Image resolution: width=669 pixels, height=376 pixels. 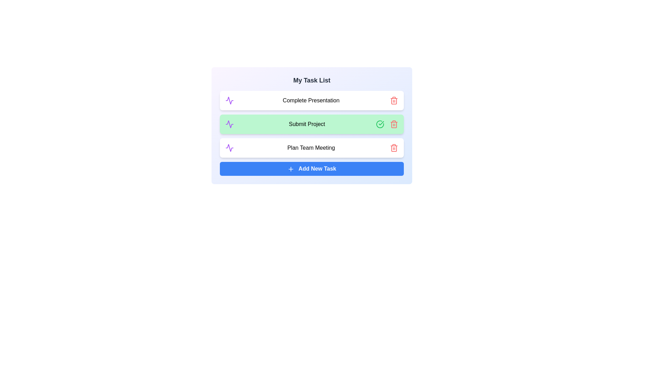 I want to click on the trash icon next to the task named Complete Presentation to delete it, so click(x=394, y=101).